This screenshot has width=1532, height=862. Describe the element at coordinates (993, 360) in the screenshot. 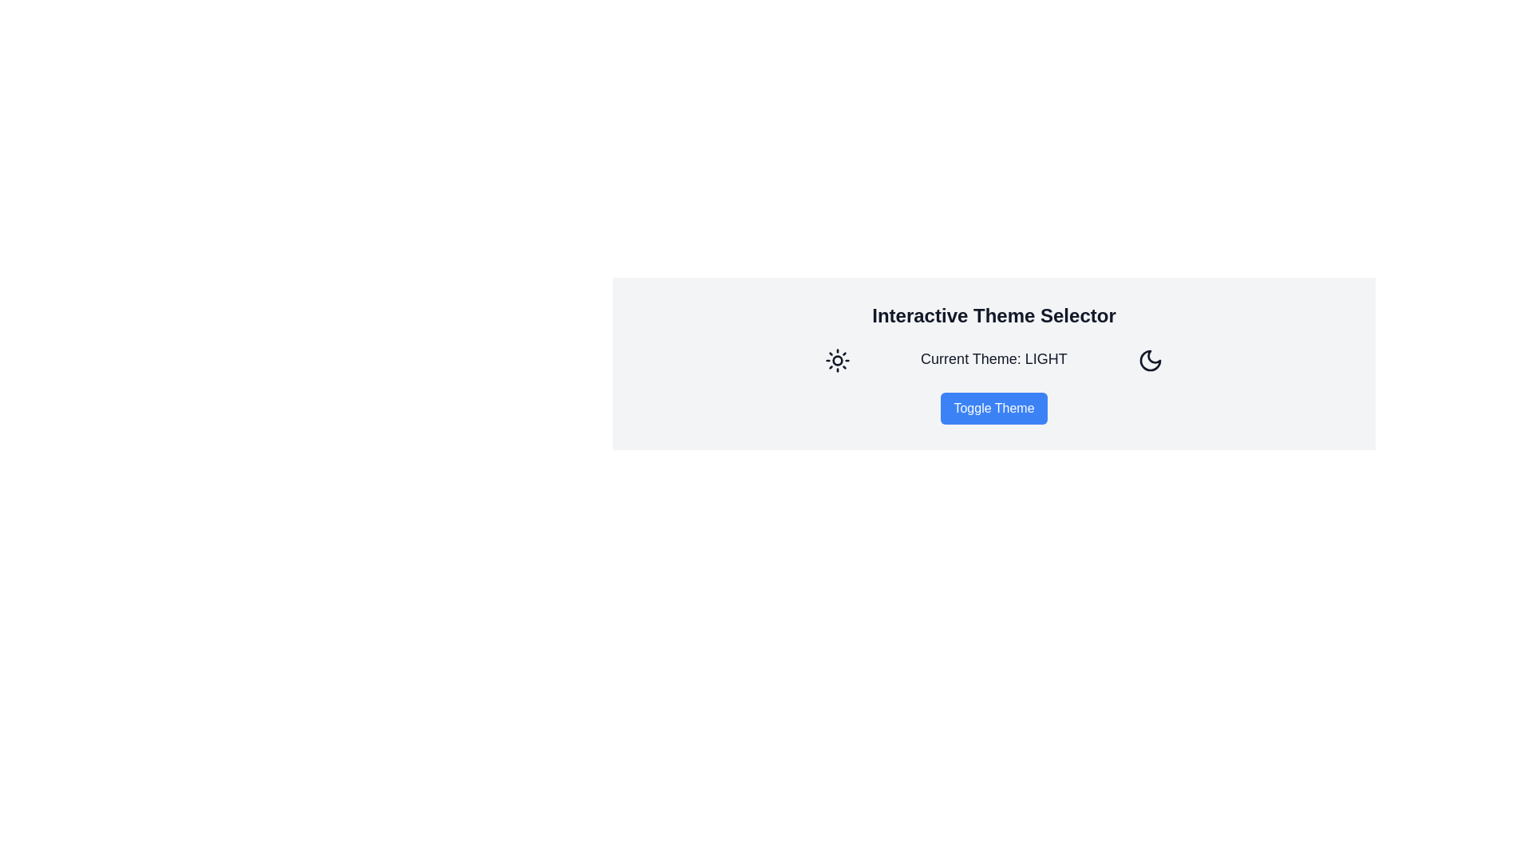

I see `the informational text label that displays the currently selected theme of the application, located centrally between a sun icon and a button labeled 'Toggle Theme'` at that location.